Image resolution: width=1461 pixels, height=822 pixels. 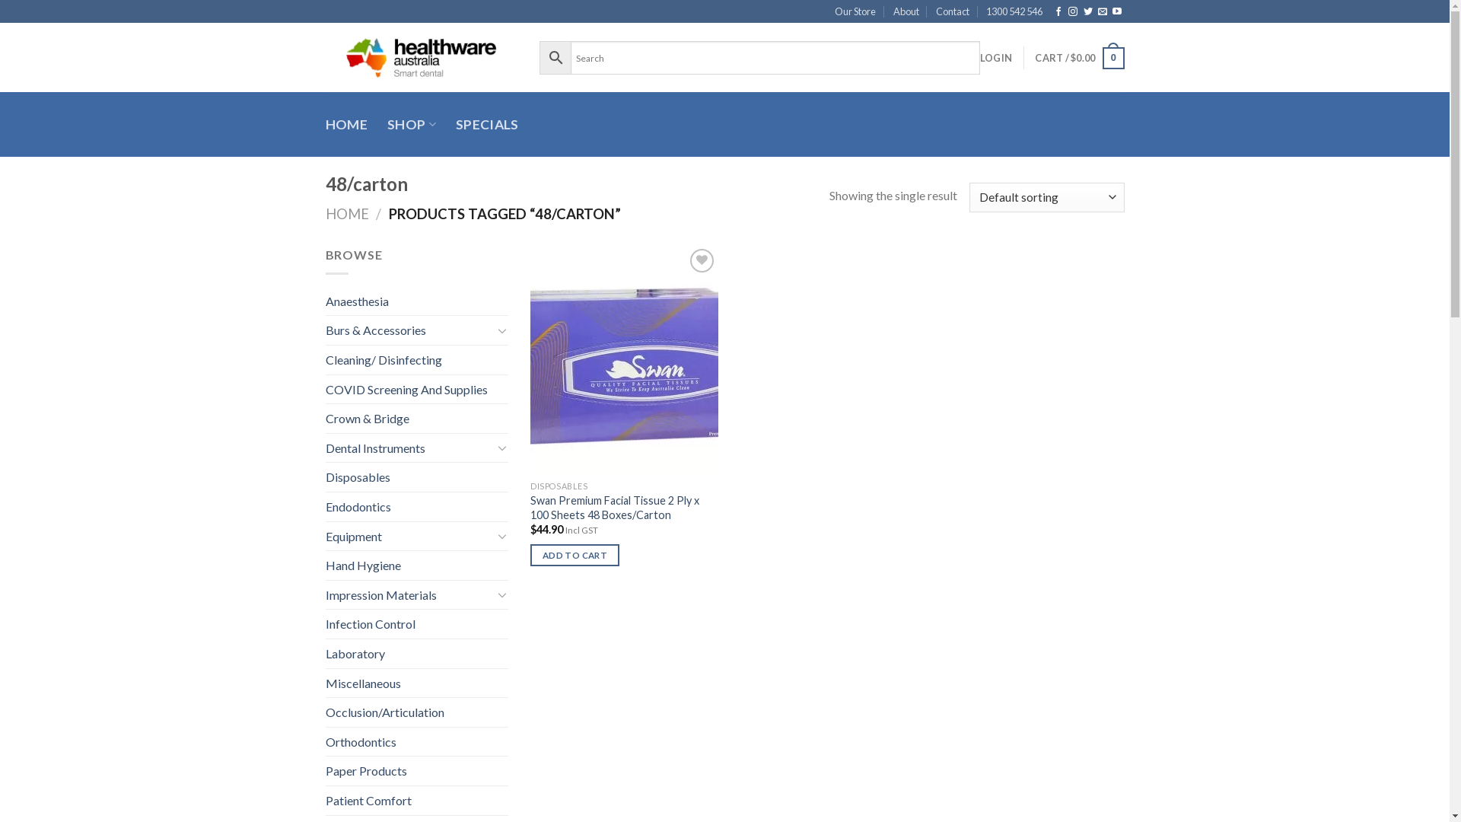 I want to click on 'Paper Products', so click(x=324, y=771).